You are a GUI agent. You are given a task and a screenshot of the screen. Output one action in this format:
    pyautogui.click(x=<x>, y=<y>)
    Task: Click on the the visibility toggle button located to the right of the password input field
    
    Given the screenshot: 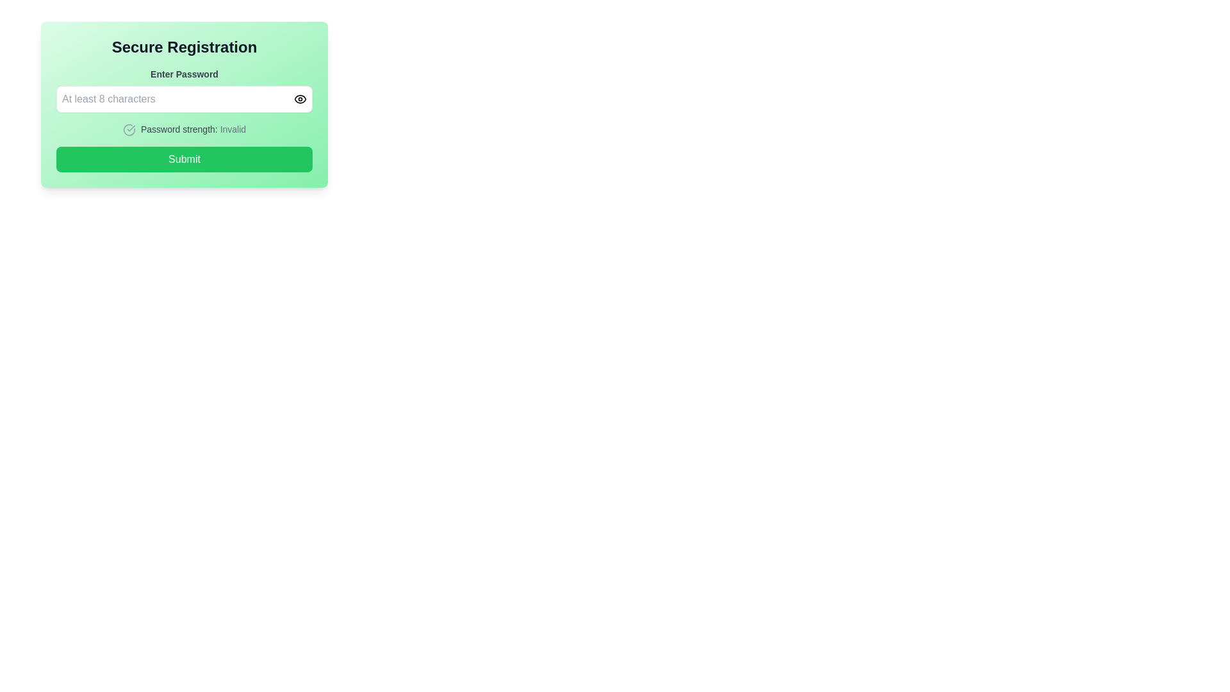 What is the action you would take?
    pyautogui.click(x=300, y=98)
    